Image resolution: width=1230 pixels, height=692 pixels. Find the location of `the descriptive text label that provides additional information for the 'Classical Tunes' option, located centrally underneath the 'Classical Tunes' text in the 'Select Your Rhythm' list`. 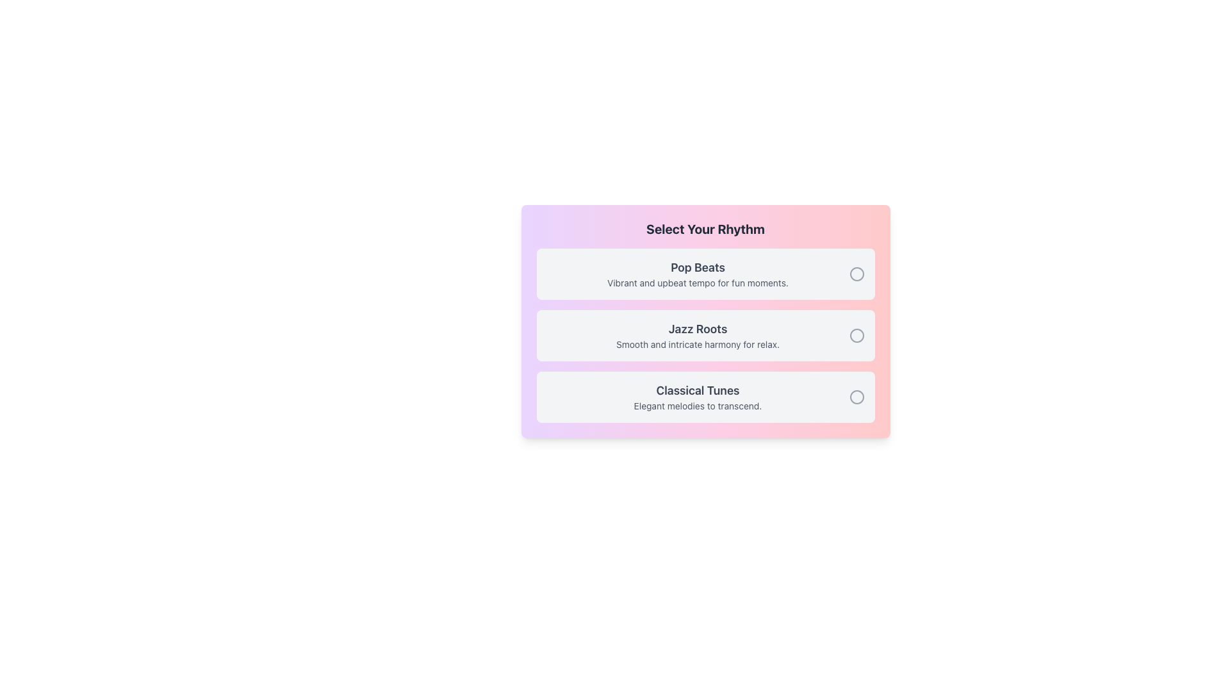

the descriptive text label that provides additional information for the 'Classical Tunes' option, located centrally underneath the 'Classical Tunes' text in the 'Select Your Rhythm' list is located at coordinates (697, 406).